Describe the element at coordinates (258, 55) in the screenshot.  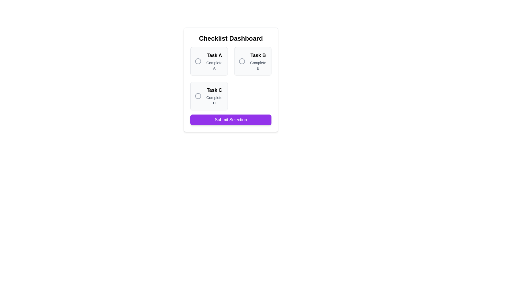
I see `the text header displaying 'Task B', which is located in the upper right section of the checklist interface within a card layout` at that location.